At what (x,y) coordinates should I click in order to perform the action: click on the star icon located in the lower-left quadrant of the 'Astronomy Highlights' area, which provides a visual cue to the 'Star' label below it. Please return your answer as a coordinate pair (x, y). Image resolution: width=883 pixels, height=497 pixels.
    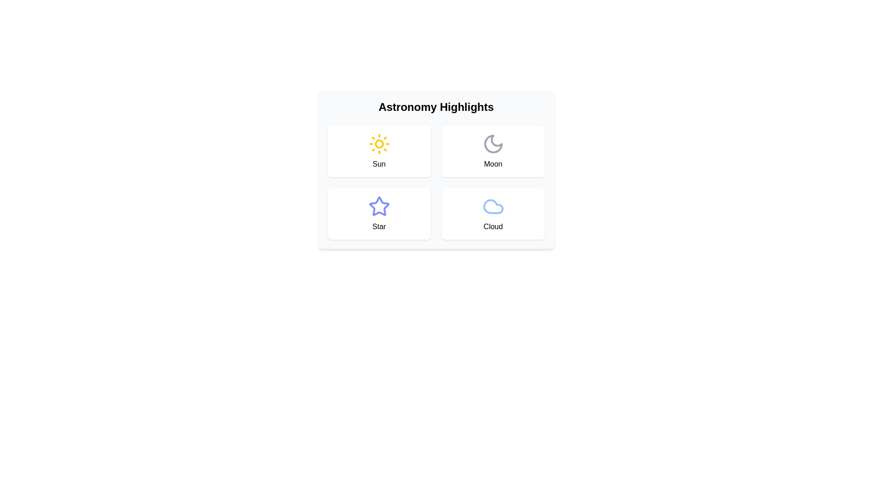
    Looking at the image, I should click on (379, 206).